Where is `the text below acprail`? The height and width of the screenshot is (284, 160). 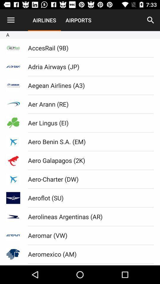 the text below acprail is located at coordinates (13, 67).